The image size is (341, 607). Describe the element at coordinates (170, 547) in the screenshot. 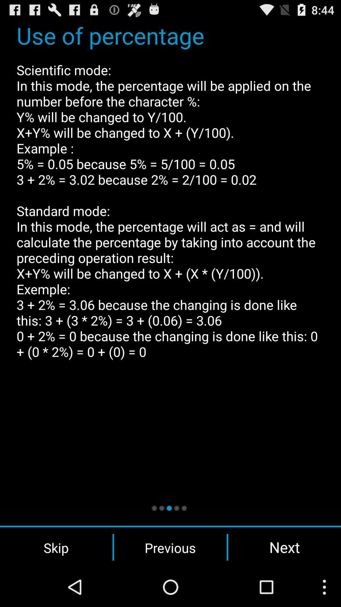

I see `previous icon` at that location.